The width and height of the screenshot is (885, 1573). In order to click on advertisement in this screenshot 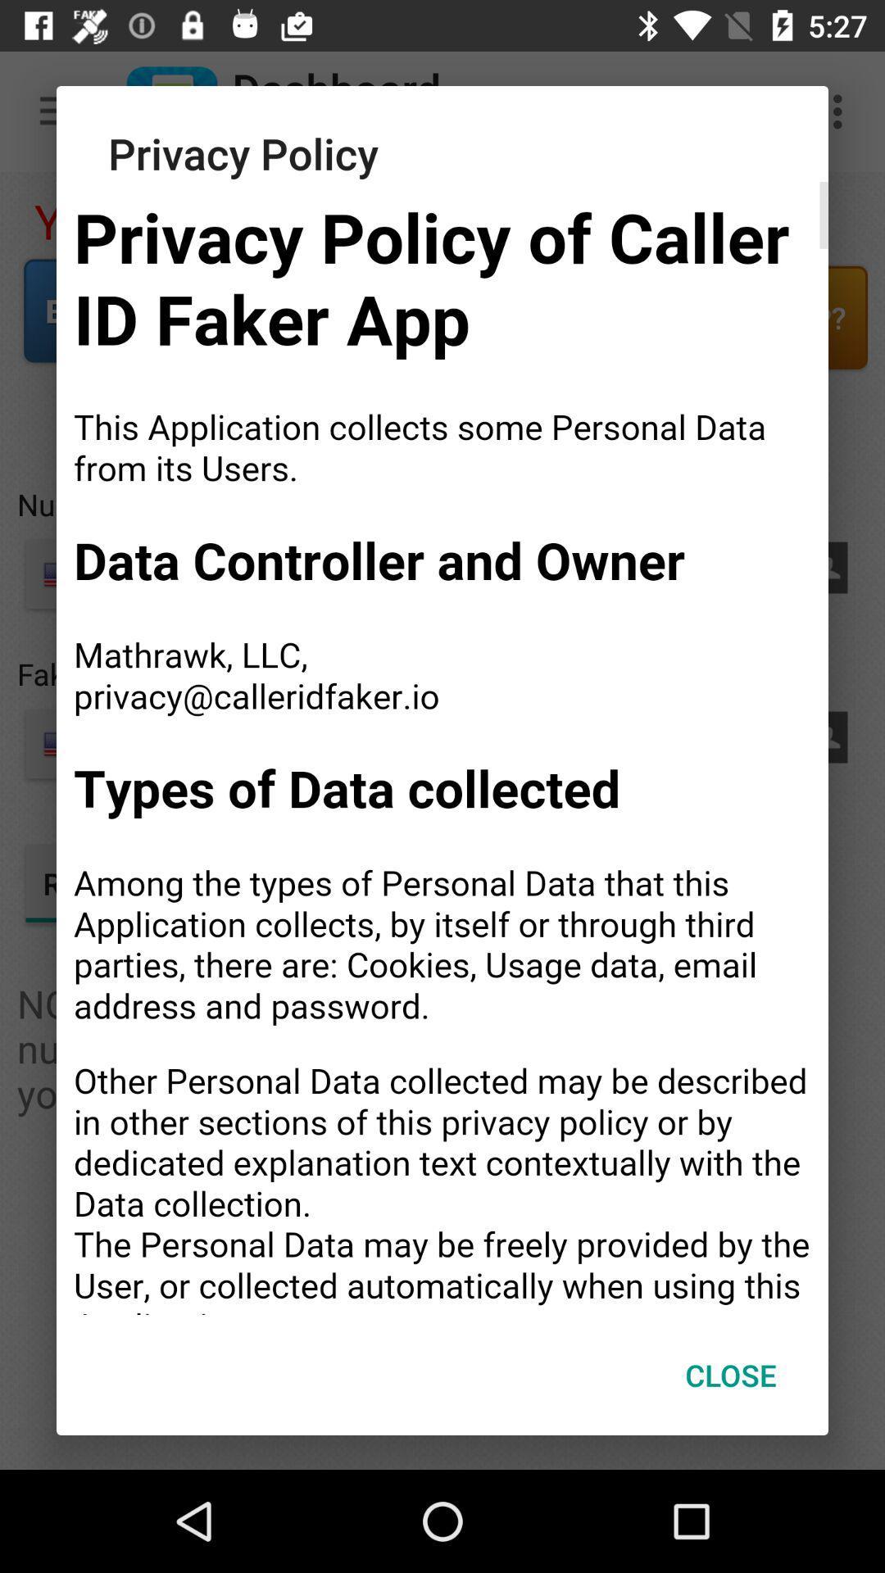, I will do `click(442, 747)`.